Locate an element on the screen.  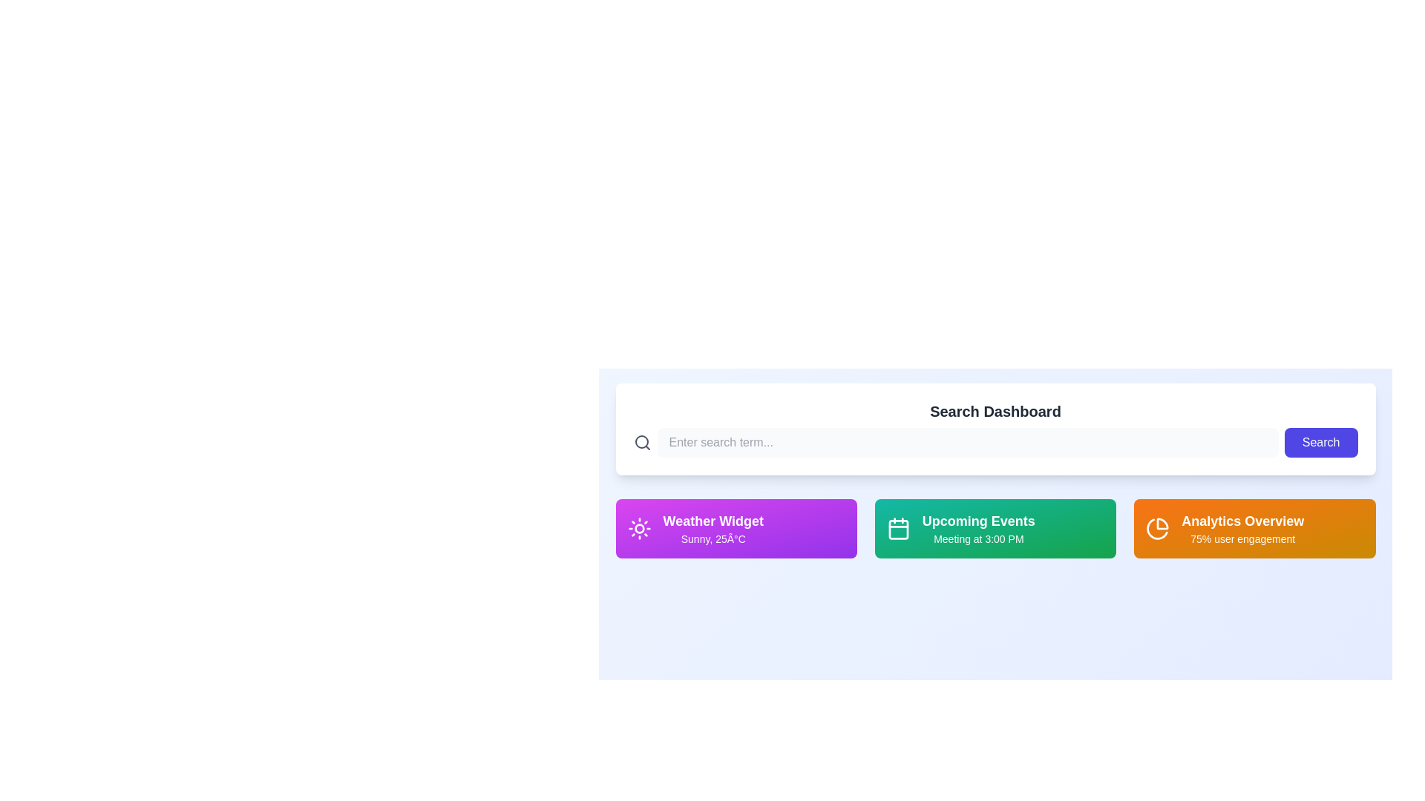
the text label displaying 'Meeting at 3:00 PM', which is located below the 'Upcoming Events' heading and has a bold green background is located at coordinates (978, 538).